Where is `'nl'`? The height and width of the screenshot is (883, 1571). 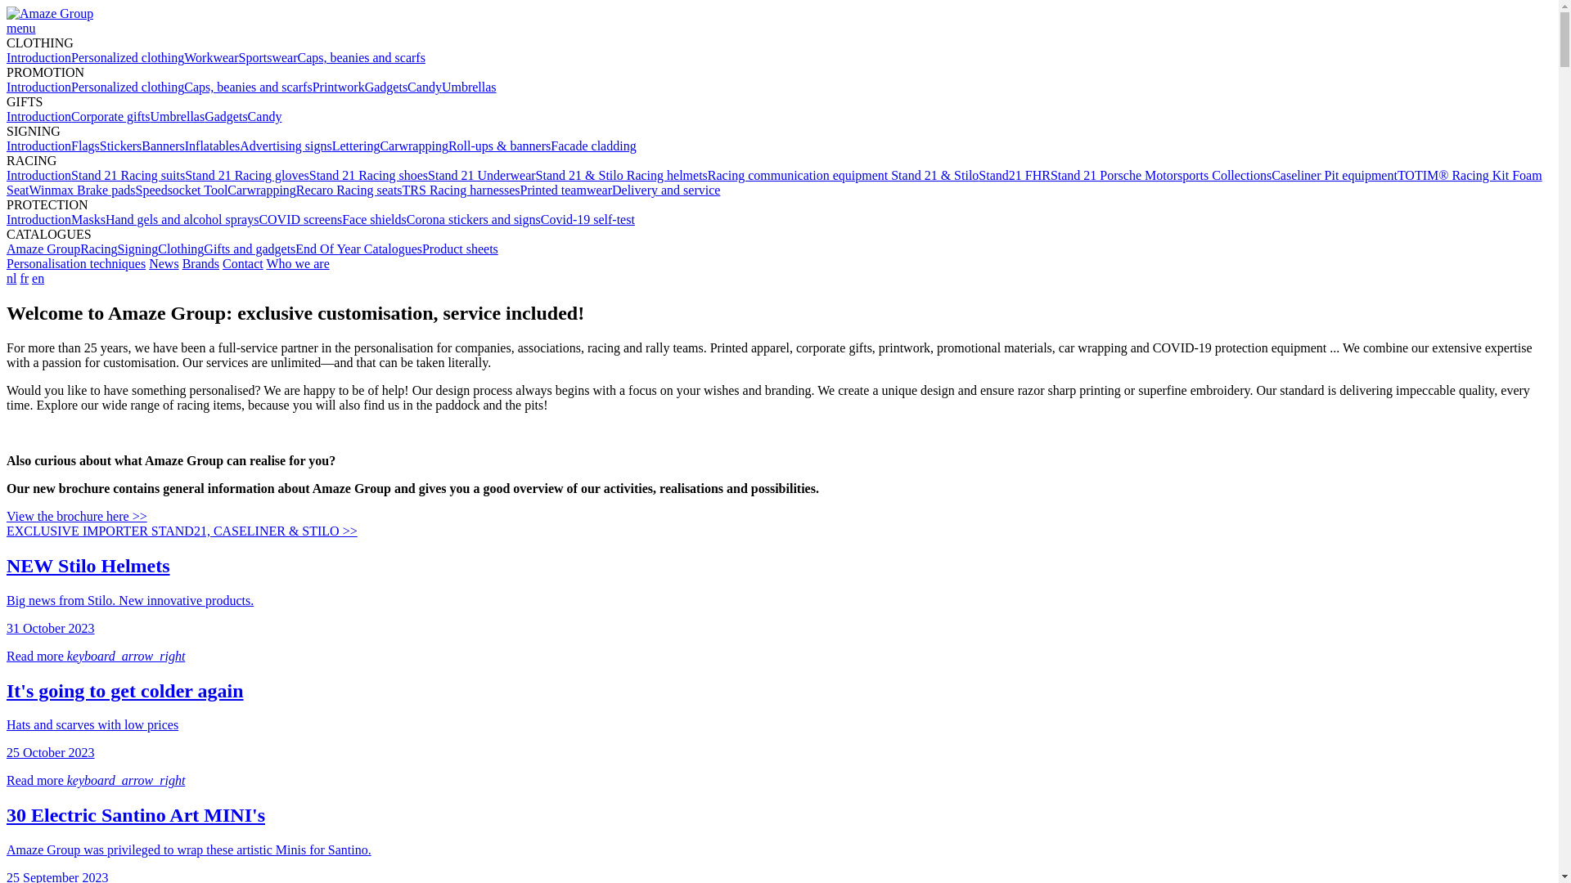 'nl' is located at coordinates (11, 277).